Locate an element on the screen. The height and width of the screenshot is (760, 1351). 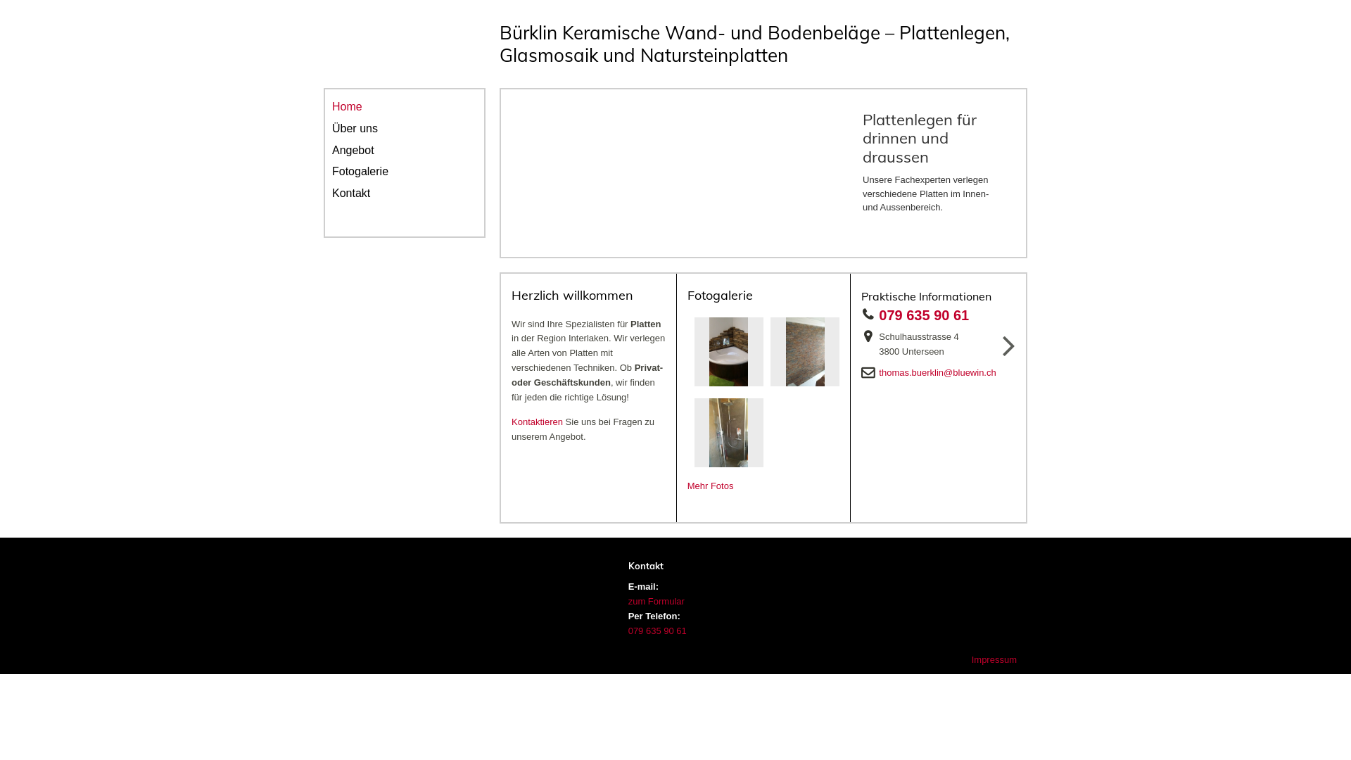
'Kontaktieren' is located at coordinates (536, 421).